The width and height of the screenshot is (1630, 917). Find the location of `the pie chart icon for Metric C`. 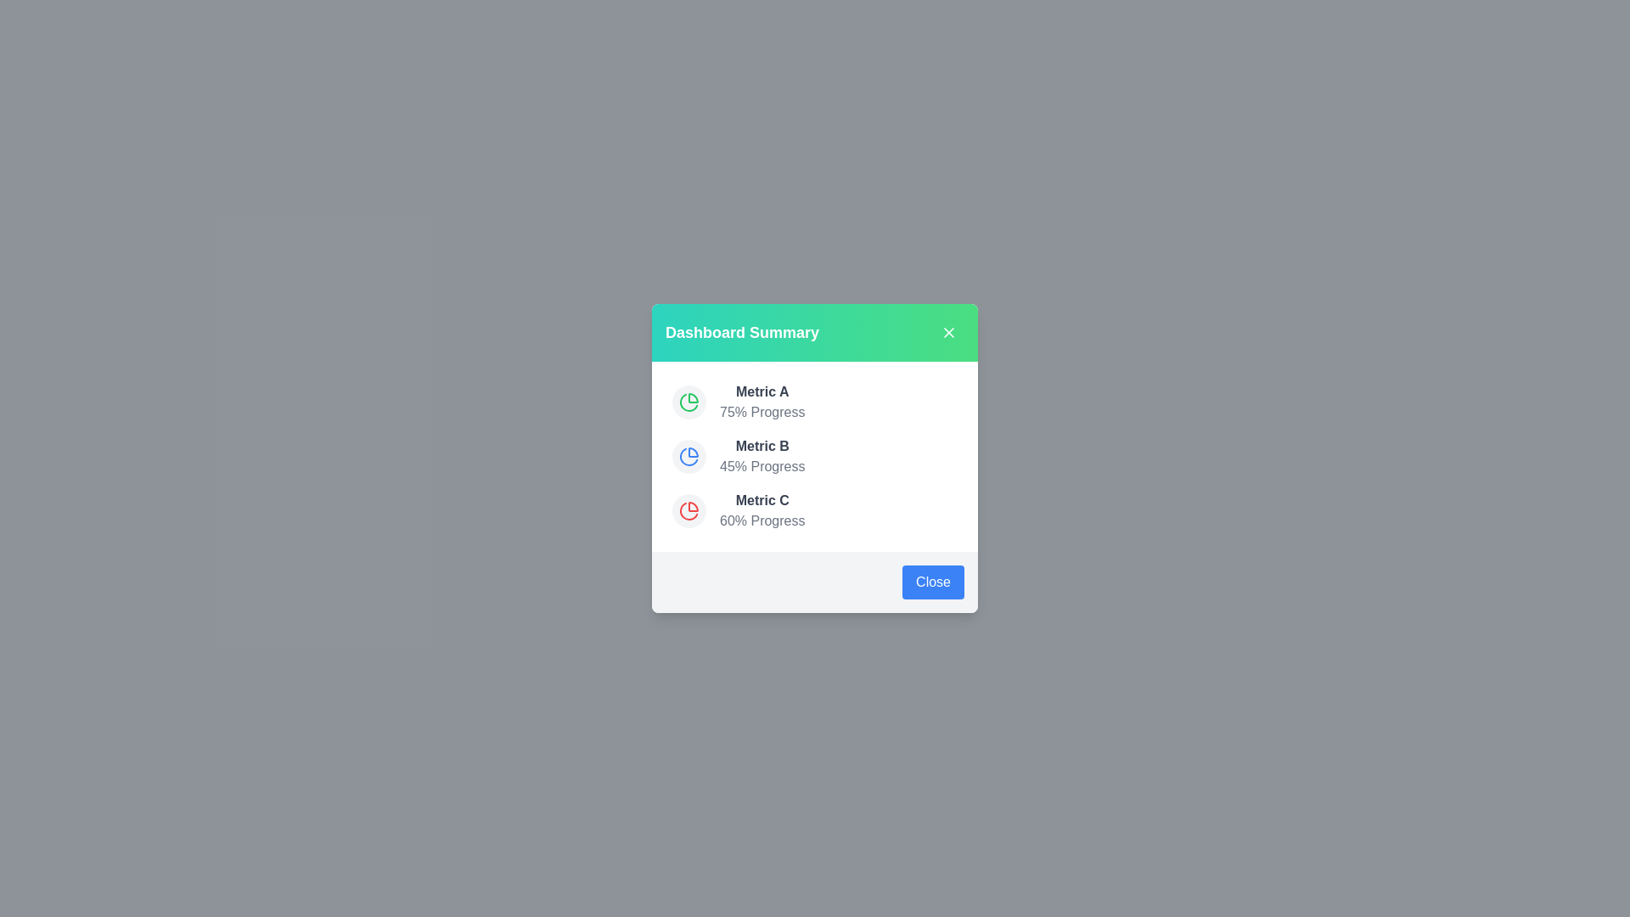

the pie chart icon for Metric C is located at coordinates (689, 509).